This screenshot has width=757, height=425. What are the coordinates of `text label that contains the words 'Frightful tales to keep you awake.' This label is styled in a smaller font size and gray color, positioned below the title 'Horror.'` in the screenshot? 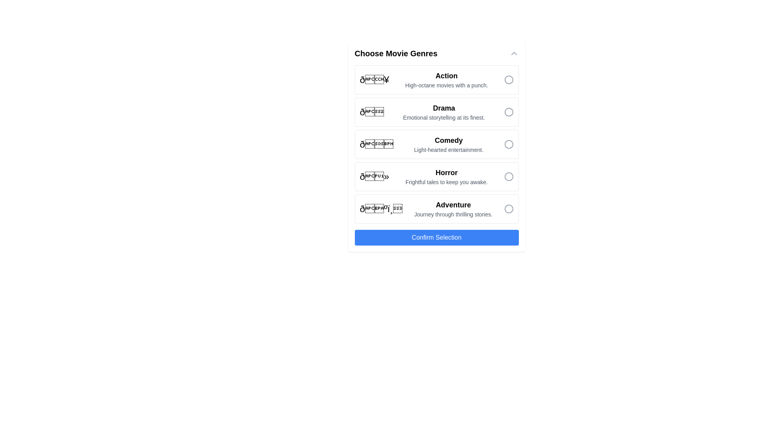 It's located at (446, 182).